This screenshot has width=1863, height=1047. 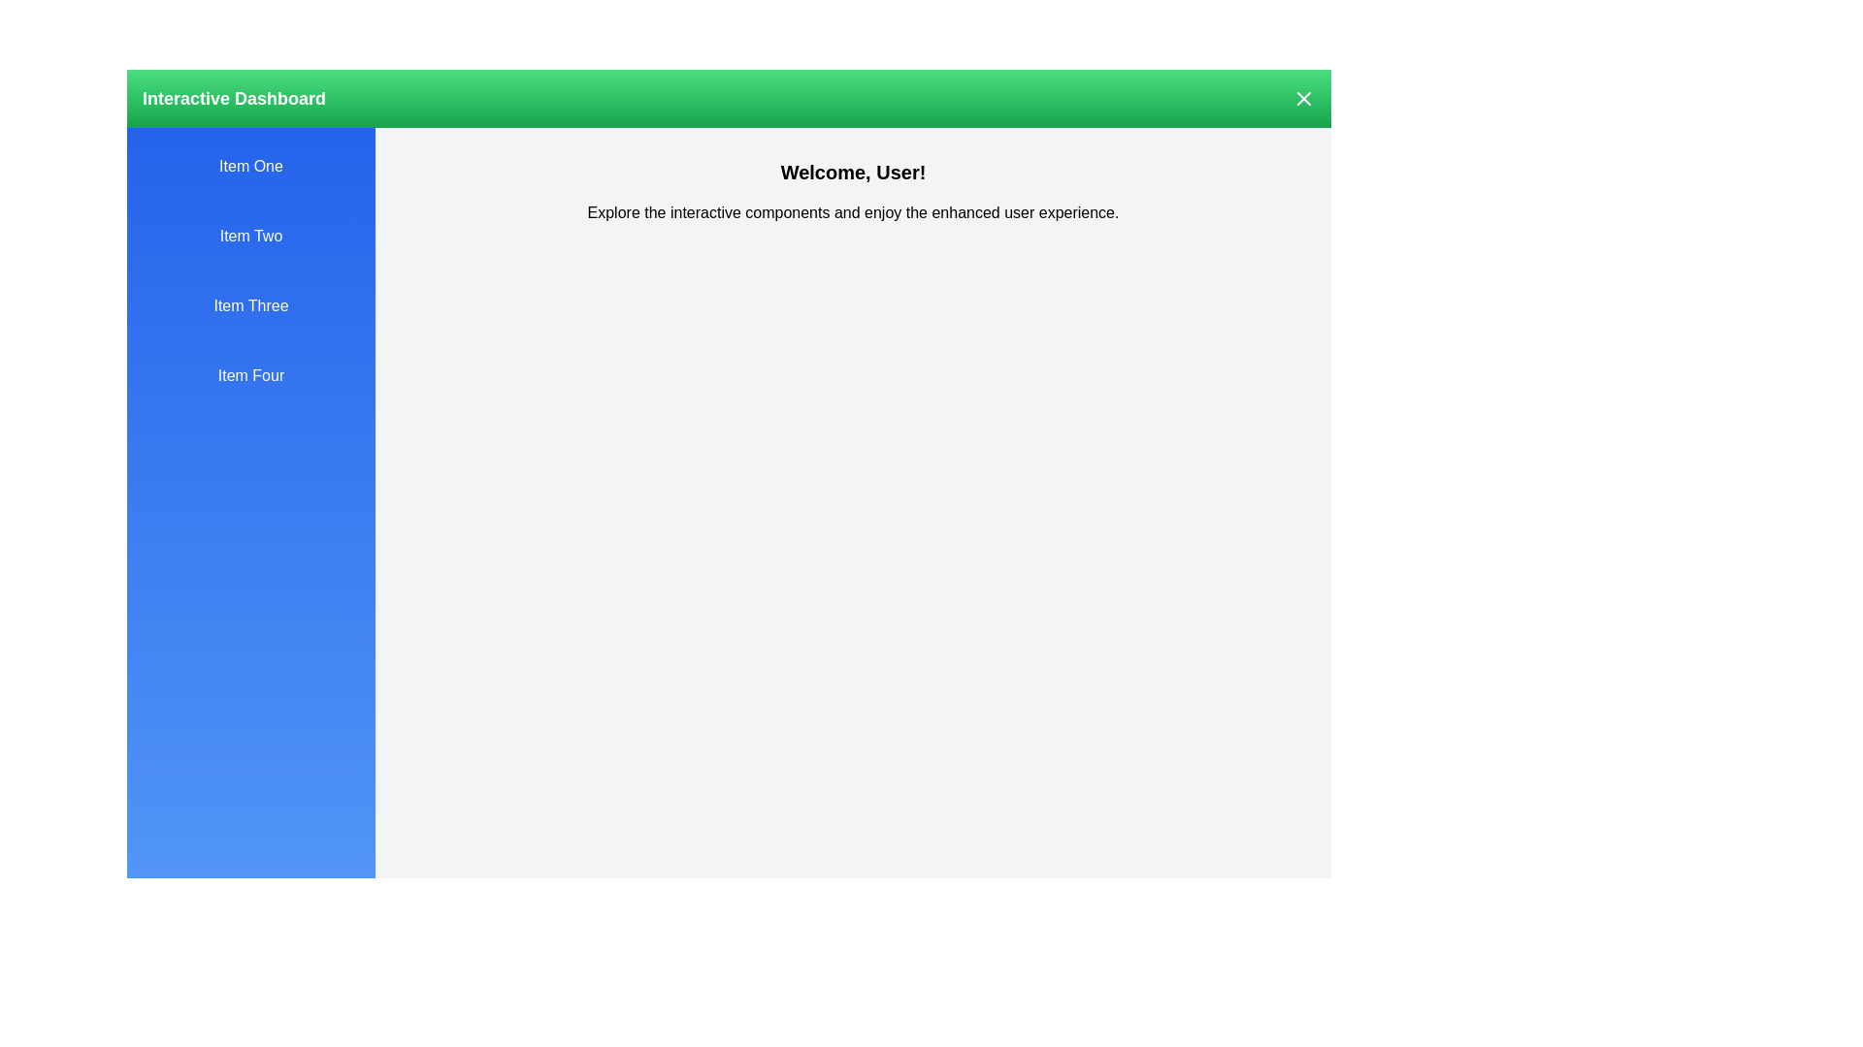 I want to click on the drawer item labeled Item One, so click(x=250, y=166).